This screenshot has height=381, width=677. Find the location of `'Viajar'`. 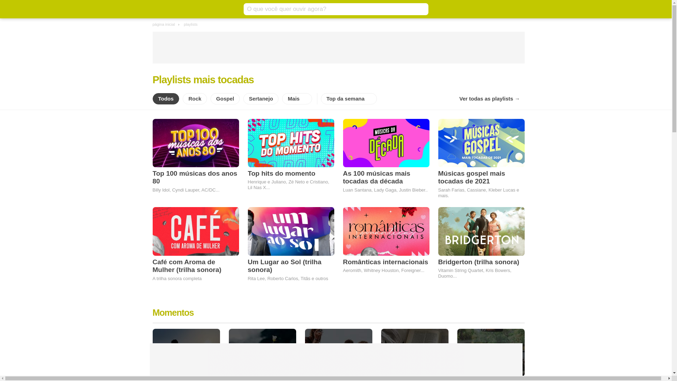

'Viajar' is located at coordinates (457, 352).